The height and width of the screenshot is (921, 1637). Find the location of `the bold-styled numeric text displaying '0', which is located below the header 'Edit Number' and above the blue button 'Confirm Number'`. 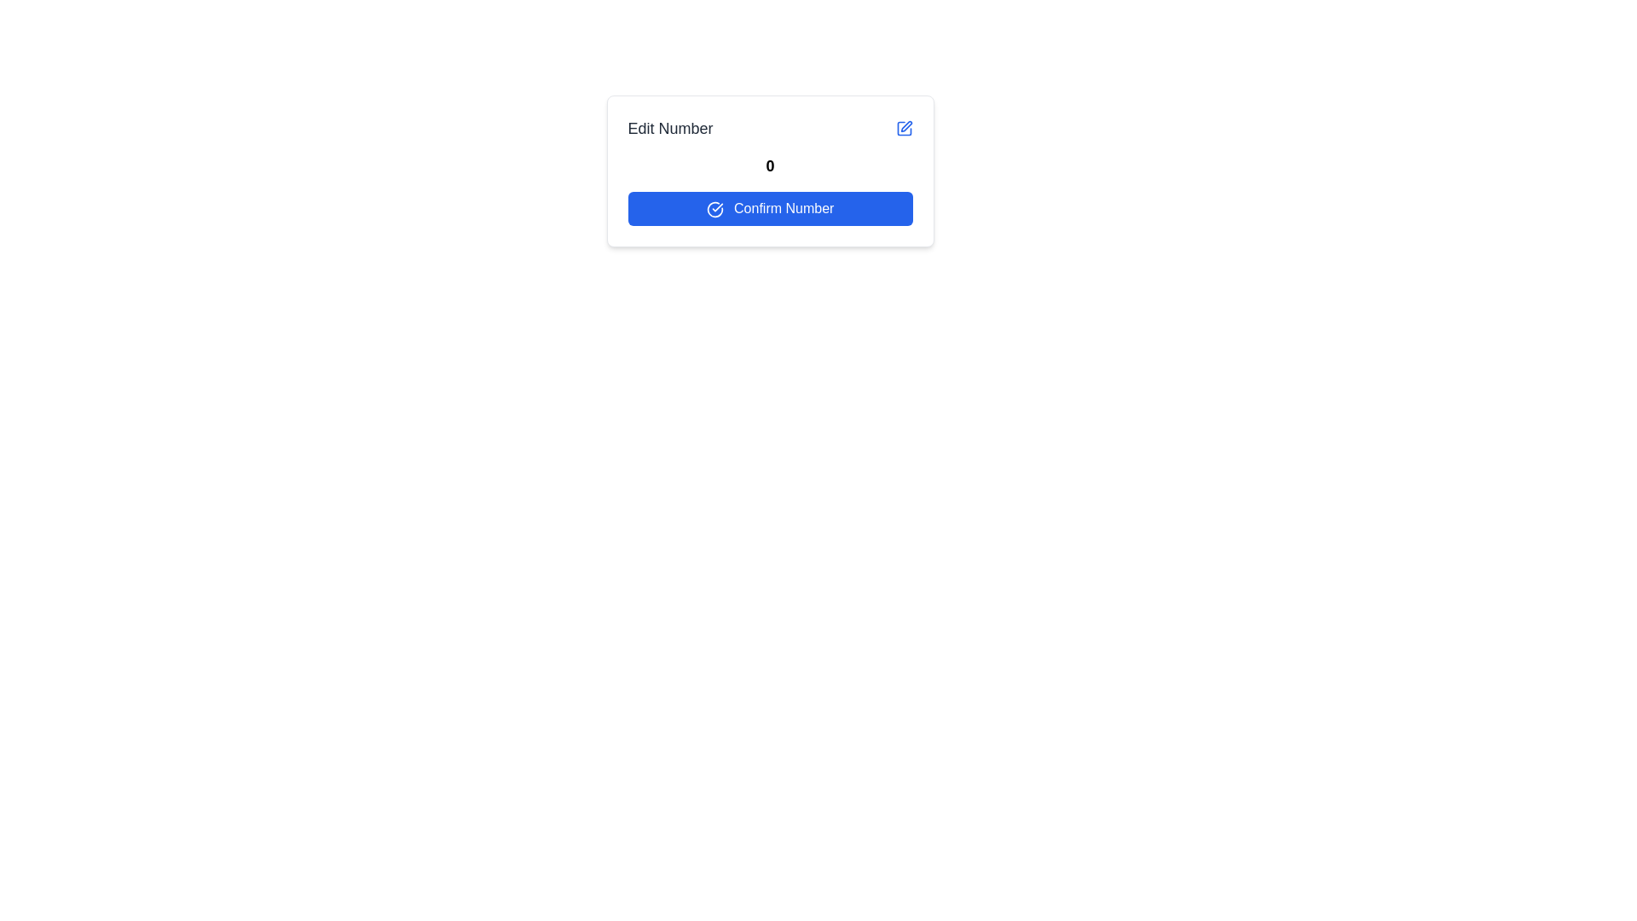

the bold-styled numeric text displaying '0', which is located below the header 'Edit Number' and above the blue button 'Confirm Number' is located at coordinates (769, 166).